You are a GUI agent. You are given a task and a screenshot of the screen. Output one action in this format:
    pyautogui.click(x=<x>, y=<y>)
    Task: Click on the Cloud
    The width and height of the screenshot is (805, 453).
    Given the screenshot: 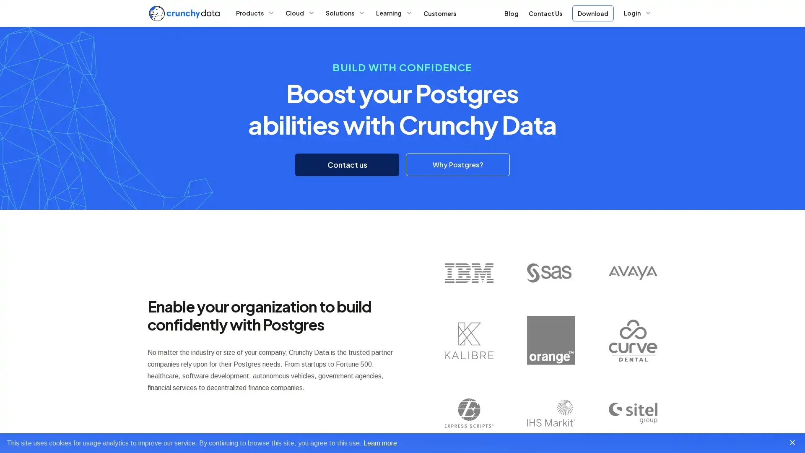 What is the action you would take?
    pyautogui.click(x=300, y=13)
    